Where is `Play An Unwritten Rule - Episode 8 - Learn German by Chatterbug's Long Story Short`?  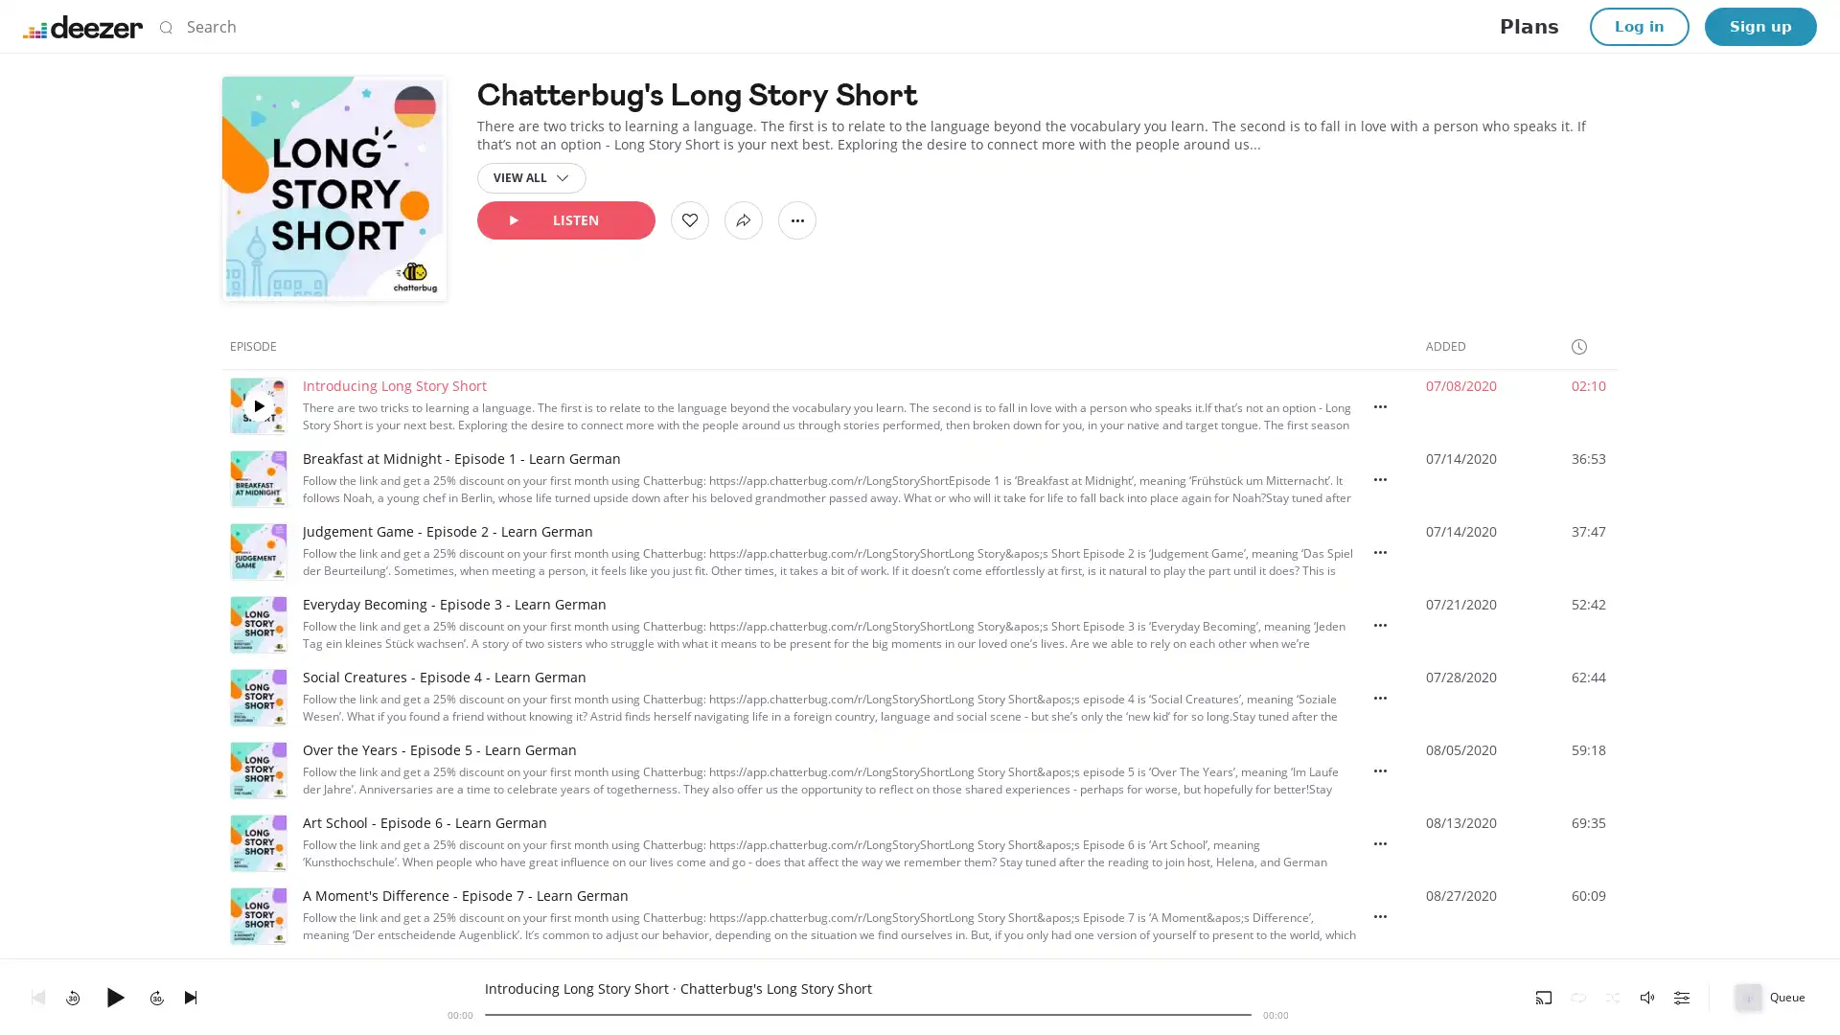
Play An Unwritten Rule - Episode 8 - Learn German by Chatterbug's Long Story Short is located at coordinates (257, 989).